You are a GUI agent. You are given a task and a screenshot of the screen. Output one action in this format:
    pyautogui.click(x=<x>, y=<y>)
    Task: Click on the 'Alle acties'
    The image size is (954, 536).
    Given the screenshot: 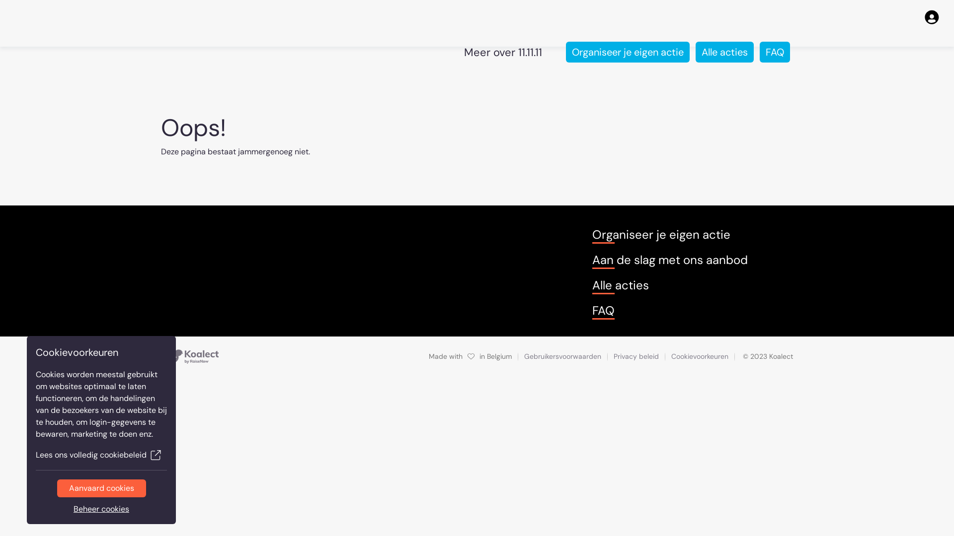 What is the action you would take?
    pyautogui.click(x=724, y=52)
    